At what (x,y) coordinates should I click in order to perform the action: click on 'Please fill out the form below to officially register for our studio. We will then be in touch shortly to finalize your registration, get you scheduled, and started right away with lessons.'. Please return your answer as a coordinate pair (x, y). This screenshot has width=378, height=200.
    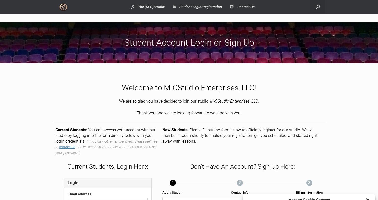
    Looking at the image, I should click on (239, 135).